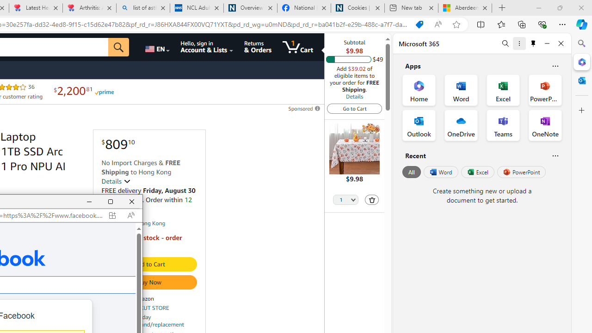 The image size is (592, 333). What do you see at coordinates (545, 90) in the screenshot?
I see `'PowerPoint Office App'` at bounding box center [545, 90].